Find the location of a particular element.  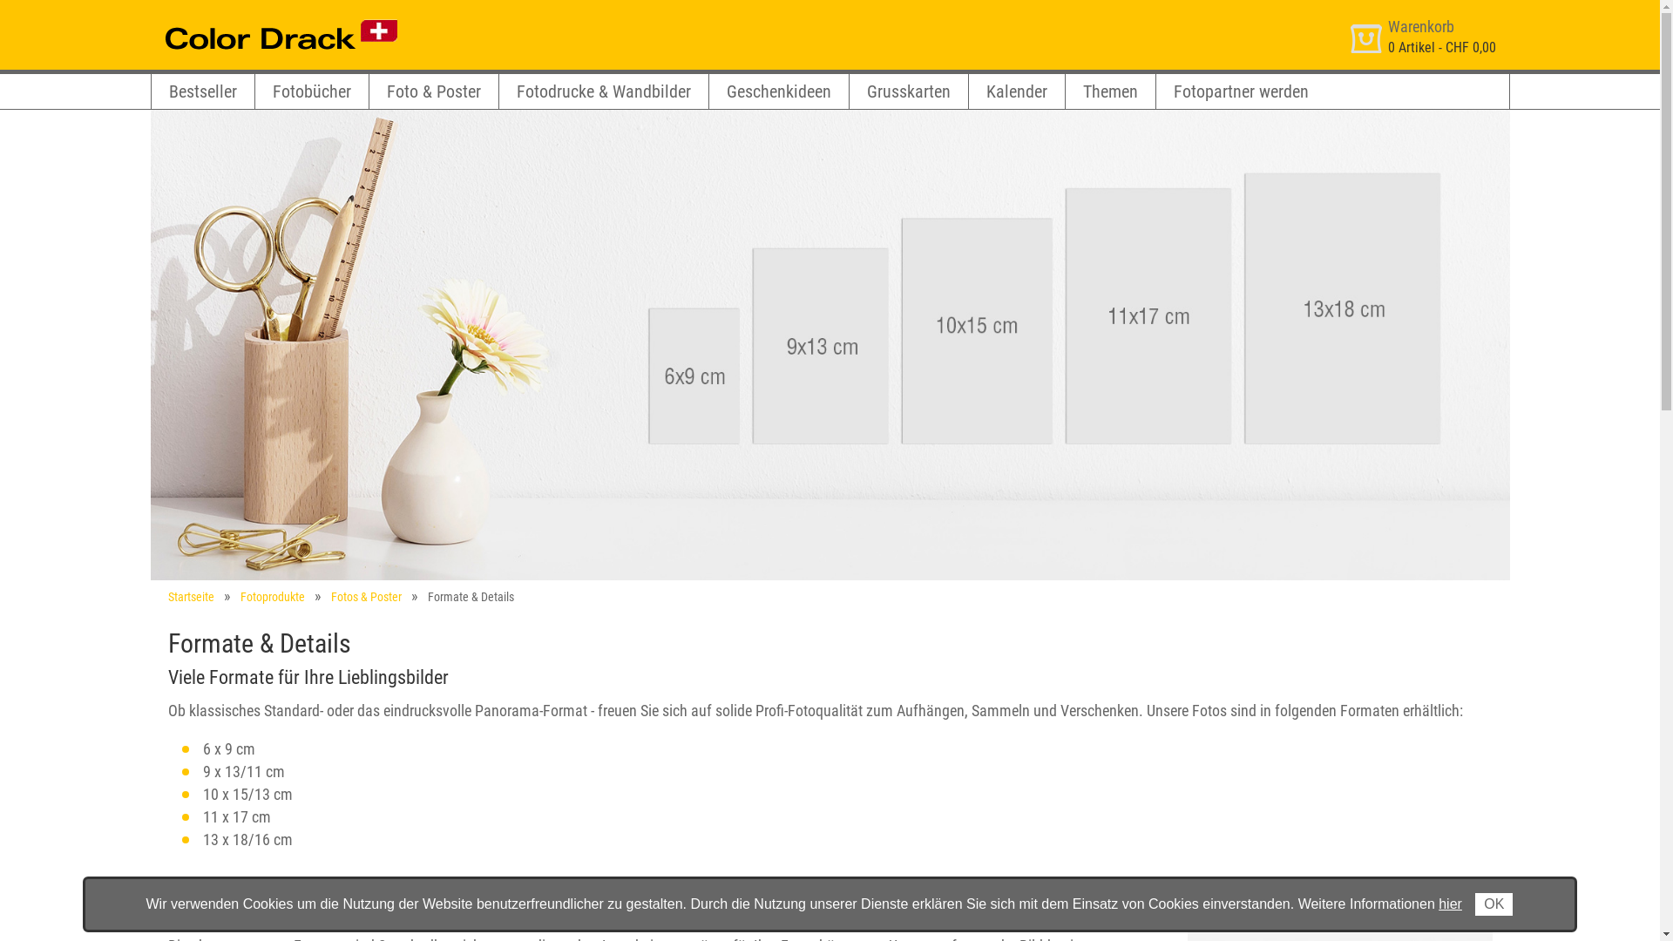

'Themen' is located at coordinates (1108, 91).